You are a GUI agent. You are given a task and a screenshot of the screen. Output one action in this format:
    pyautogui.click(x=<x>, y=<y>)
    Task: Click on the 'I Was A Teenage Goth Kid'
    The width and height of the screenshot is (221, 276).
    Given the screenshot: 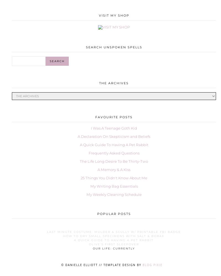 What is the action you would take?
    pyautogui.click(x=114, y=128)
    